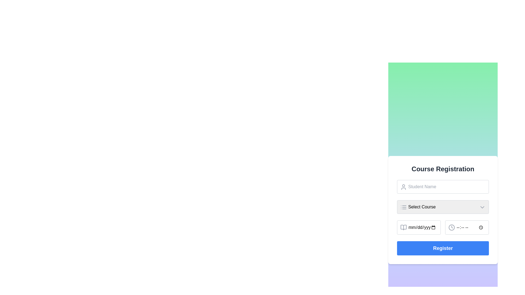 Image resolution: width=525 pixels, height=295 pixels. What do you see at coordinates (443, 210) in the screenshot?
I see `the dropdown menu for course selection located centrally in the form layout` at bounding box center [443, 210].